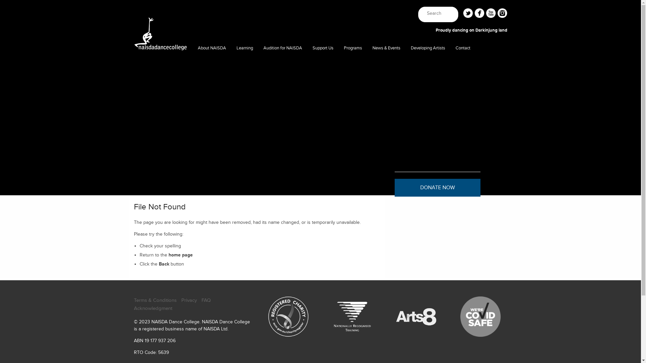 This screenshot has height=363, width=646. I want to click on 'Twitter', so click(463, 13).